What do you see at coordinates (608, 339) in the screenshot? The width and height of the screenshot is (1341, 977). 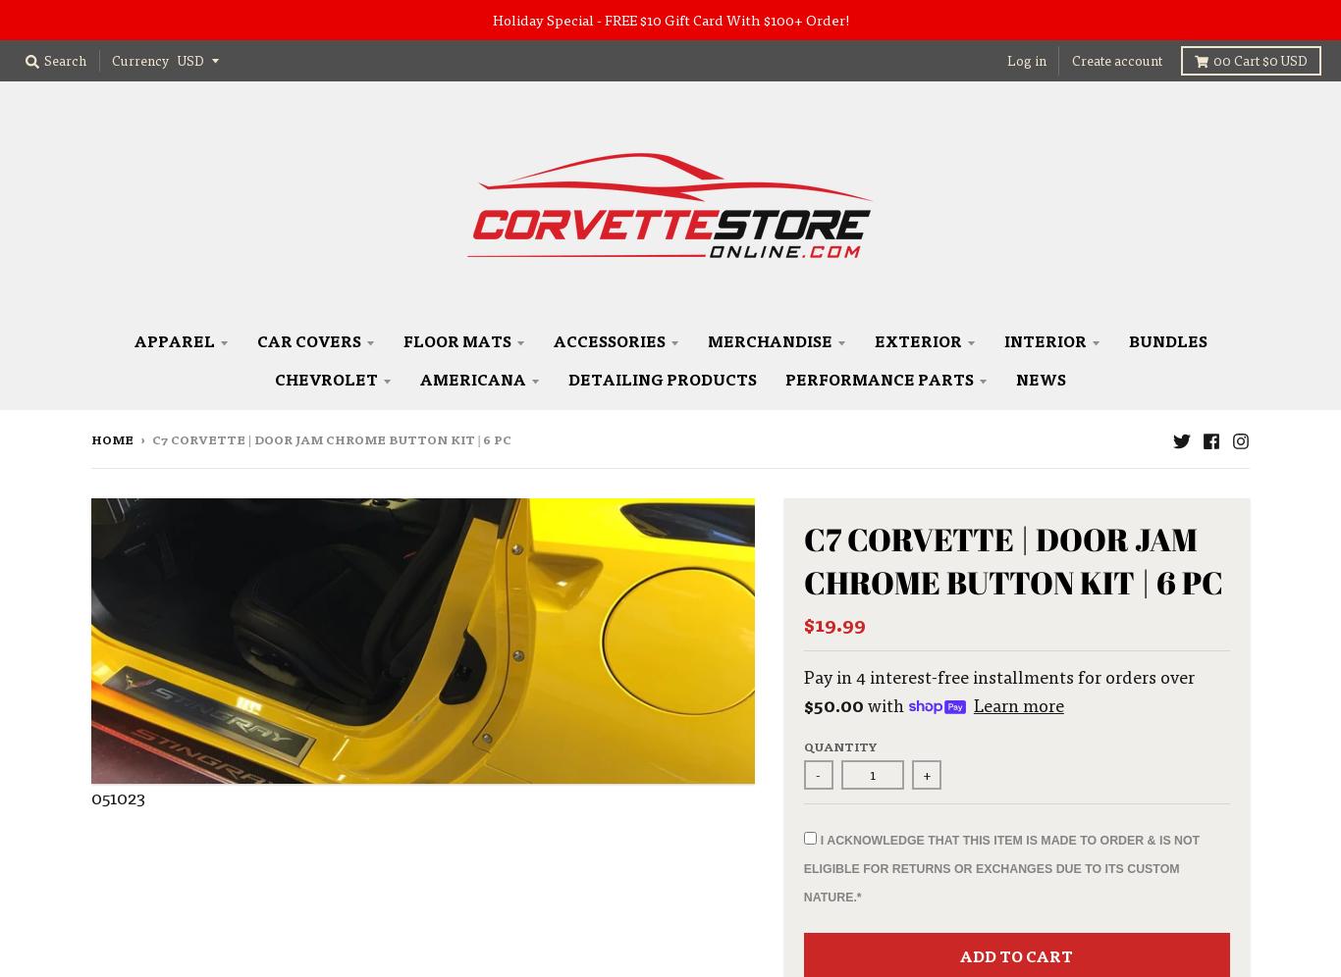 I see `'Accessories'` at bounding box center [608, 339].